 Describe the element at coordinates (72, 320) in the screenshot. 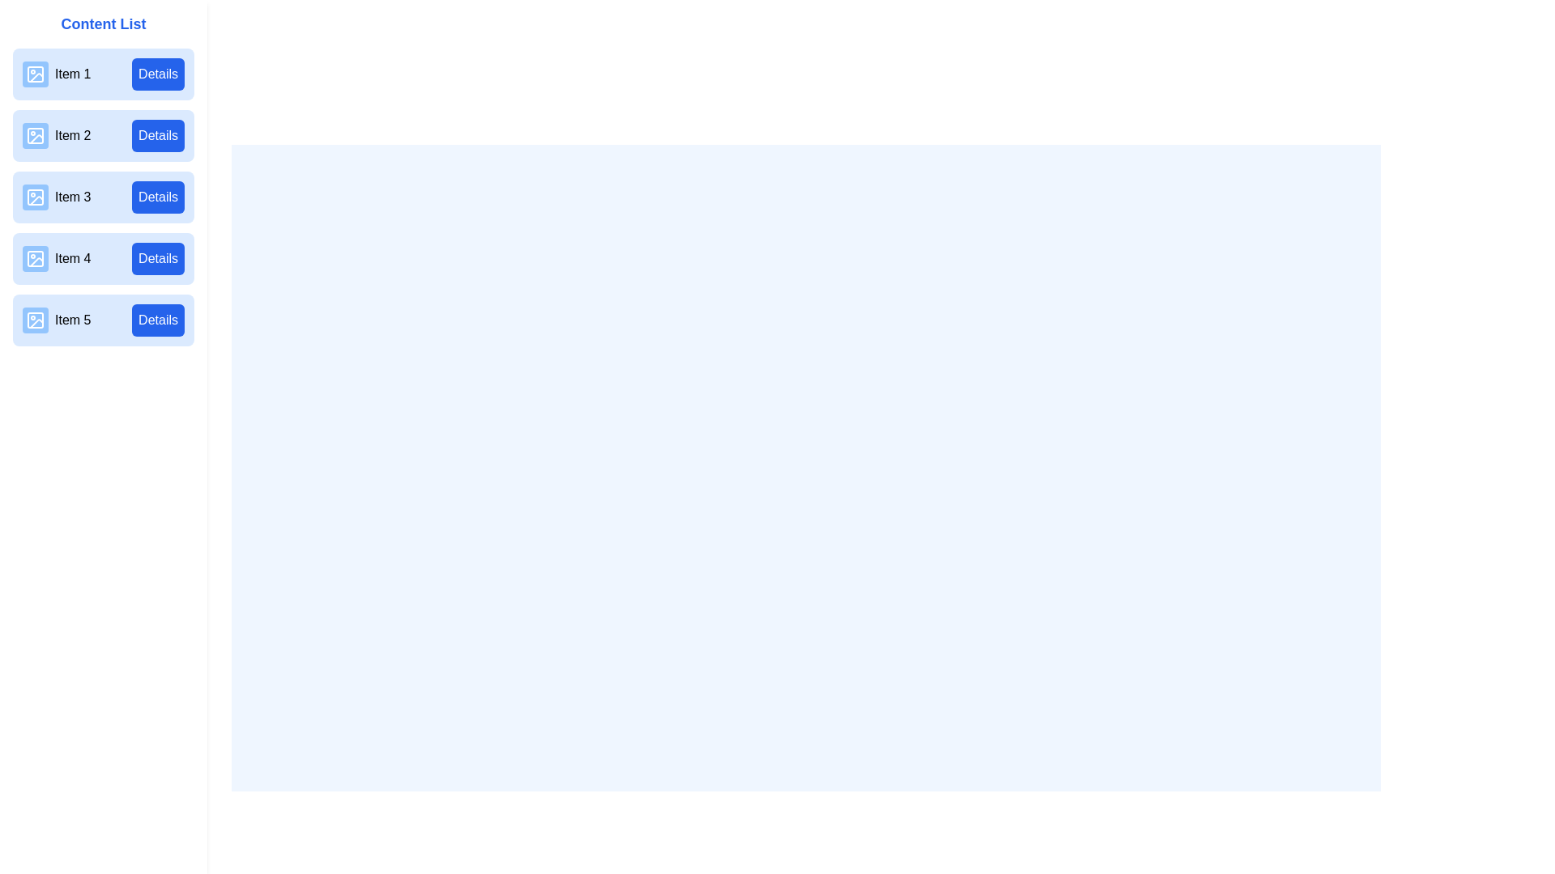

I see `the static text label located in the fifth row of a vertically stacked list, positioned between an icon on the left and a 'Details' button on the right` at that location.